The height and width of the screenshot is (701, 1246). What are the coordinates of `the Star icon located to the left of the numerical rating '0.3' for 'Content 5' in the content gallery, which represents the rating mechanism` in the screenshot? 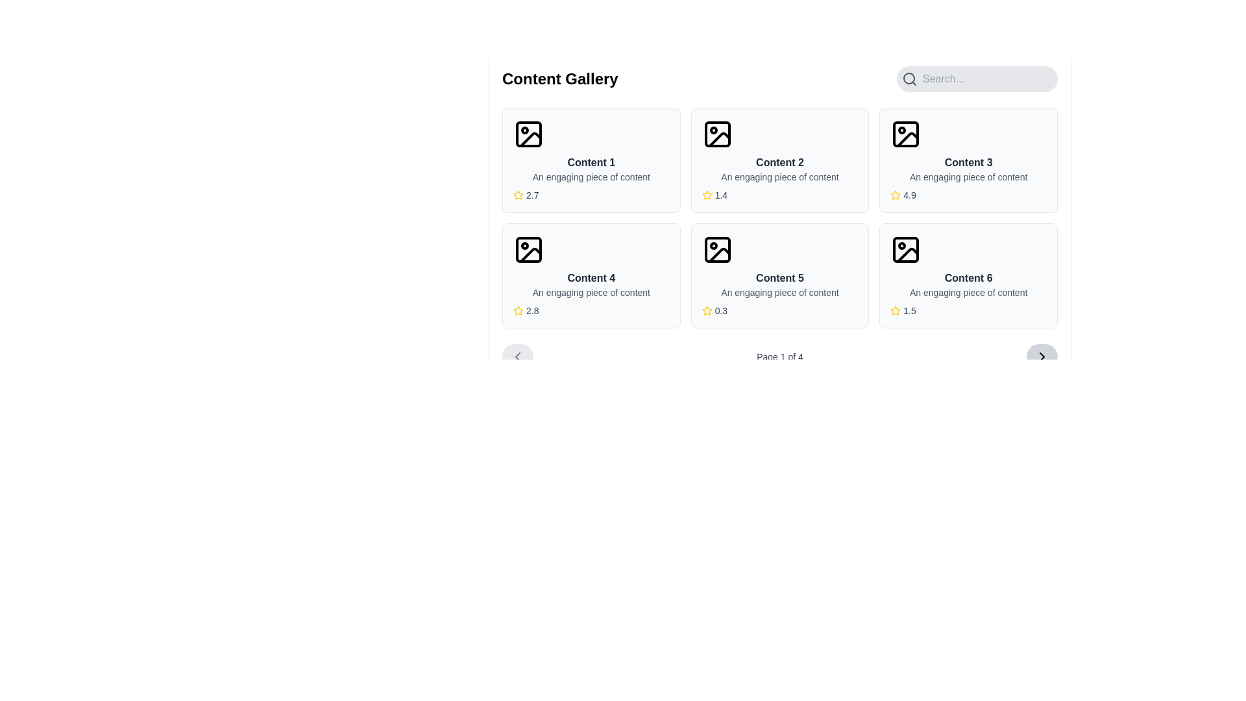 It's located at (706, 310).